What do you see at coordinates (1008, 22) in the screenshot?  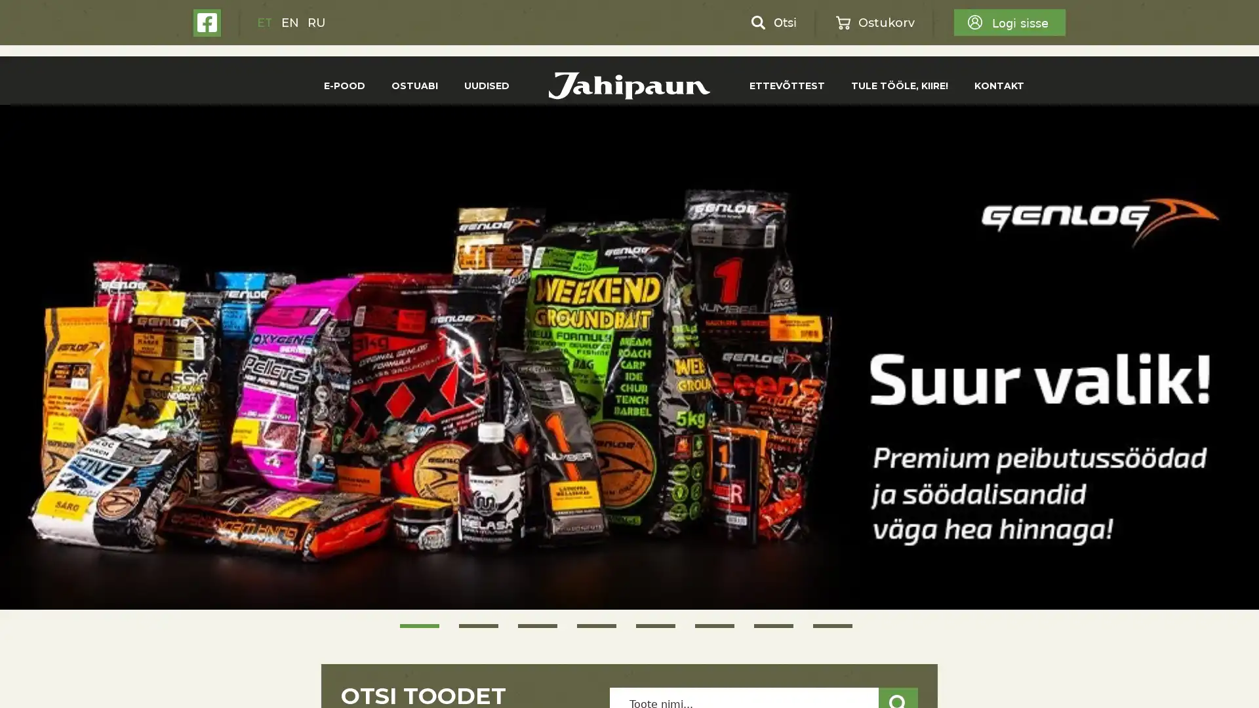 I see `Logi sisse` at bounding box center [1008, 22].